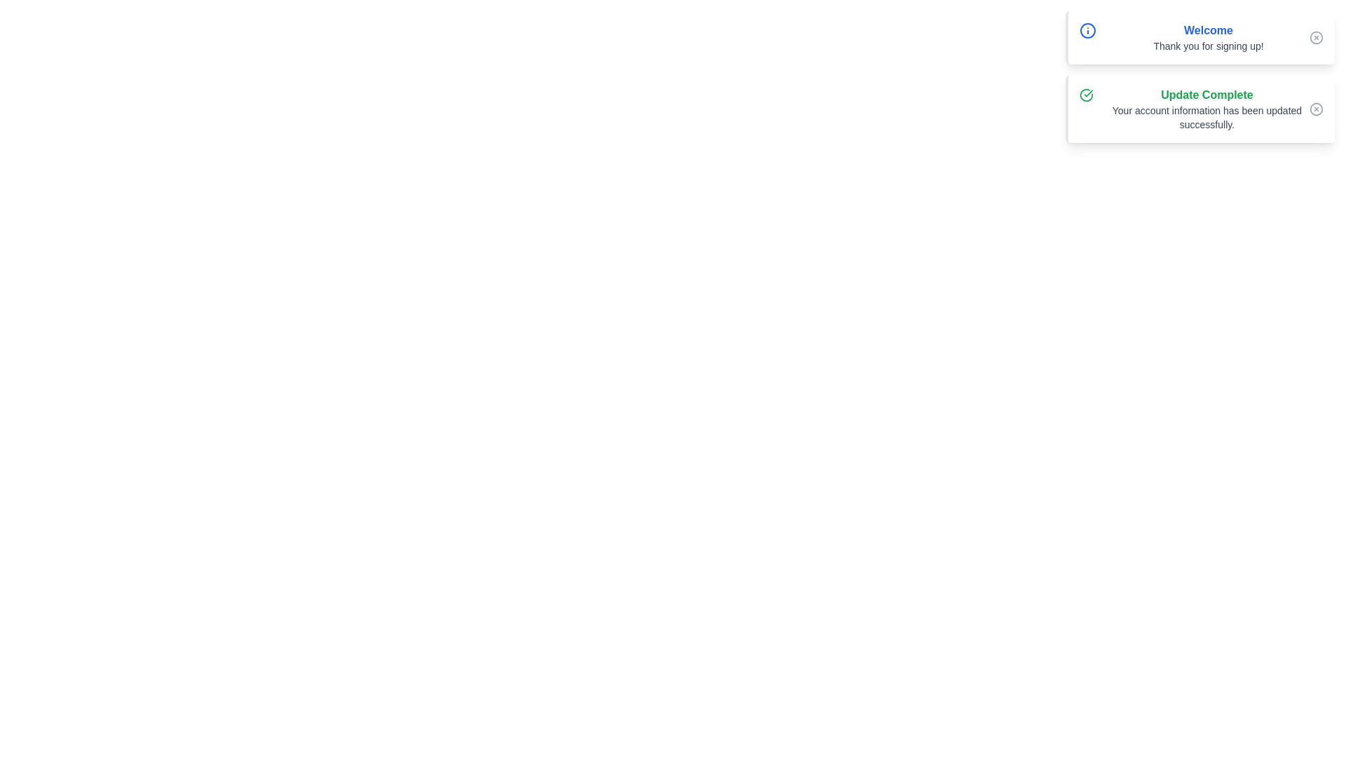 The width and height of the screenshot is (1346, 757). Describe the element at coordinates (1086, 95) in the screenshot. I see `the 'Update Complete' notification icon that signifies successful completion of an update, located at the top-left corner of the card` at that location.